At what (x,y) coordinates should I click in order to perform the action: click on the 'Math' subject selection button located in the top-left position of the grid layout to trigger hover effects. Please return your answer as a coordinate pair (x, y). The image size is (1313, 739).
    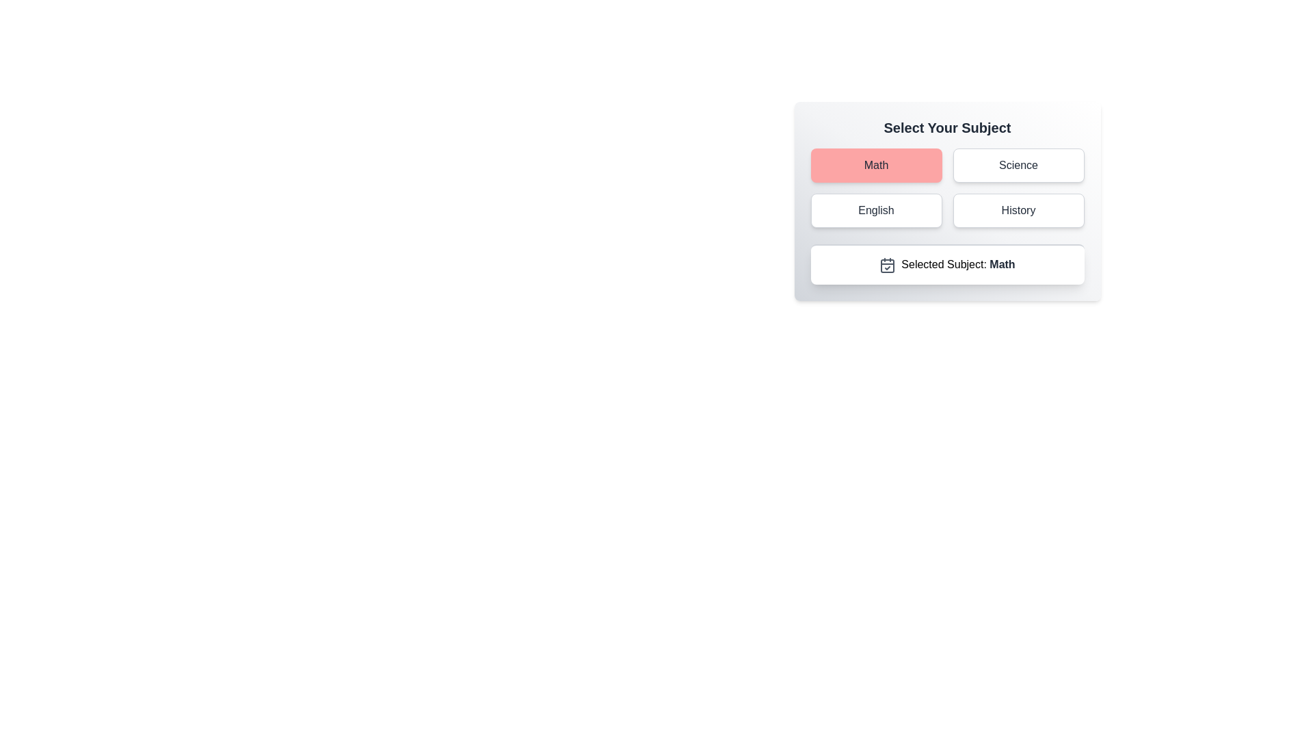
    Looking at the image, I should click on (876, 165).